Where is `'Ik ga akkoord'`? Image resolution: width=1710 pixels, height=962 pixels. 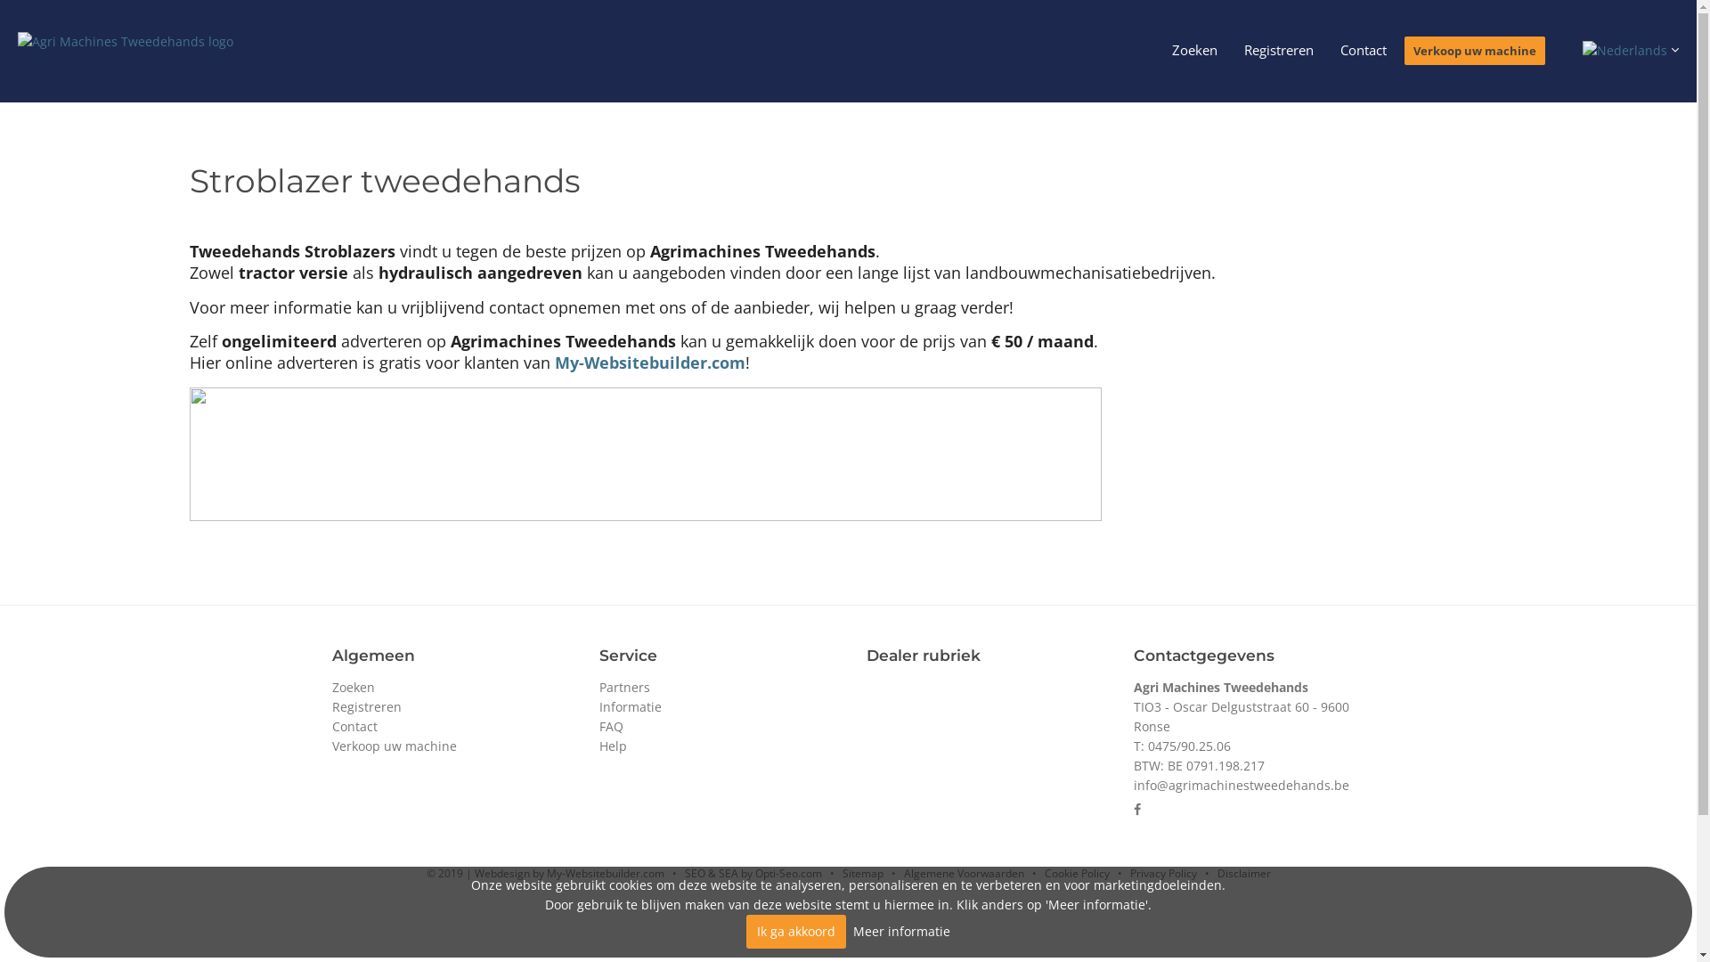
'Ik ga akkoord' is located at coordinates (794, 930).